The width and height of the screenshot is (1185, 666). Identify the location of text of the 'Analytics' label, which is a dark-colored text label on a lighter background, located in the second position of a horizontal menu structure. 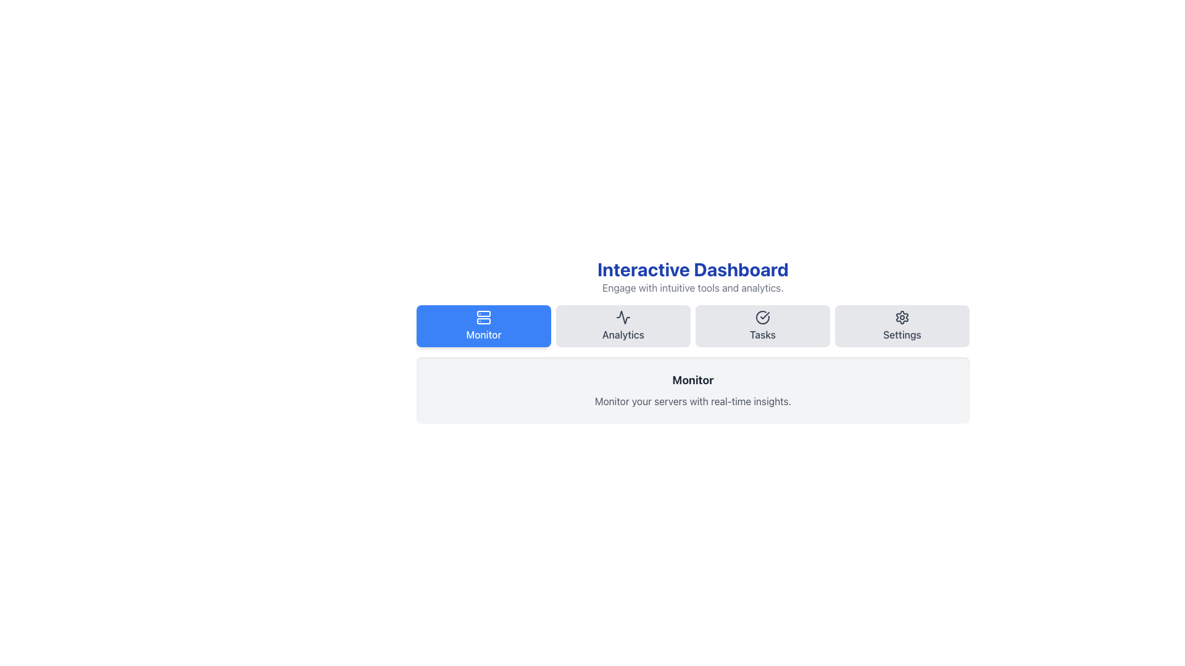
(623, 335).